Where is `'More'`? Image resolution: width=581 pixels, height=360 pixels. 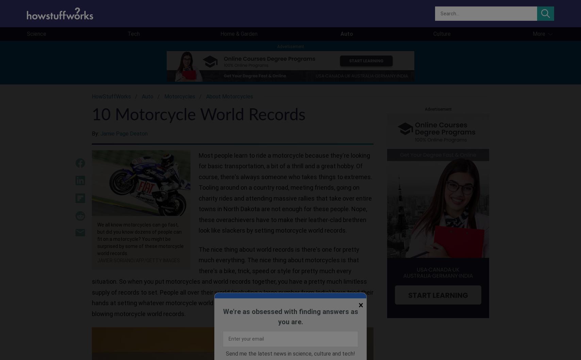 'More' is located at coordinates (538, 33).